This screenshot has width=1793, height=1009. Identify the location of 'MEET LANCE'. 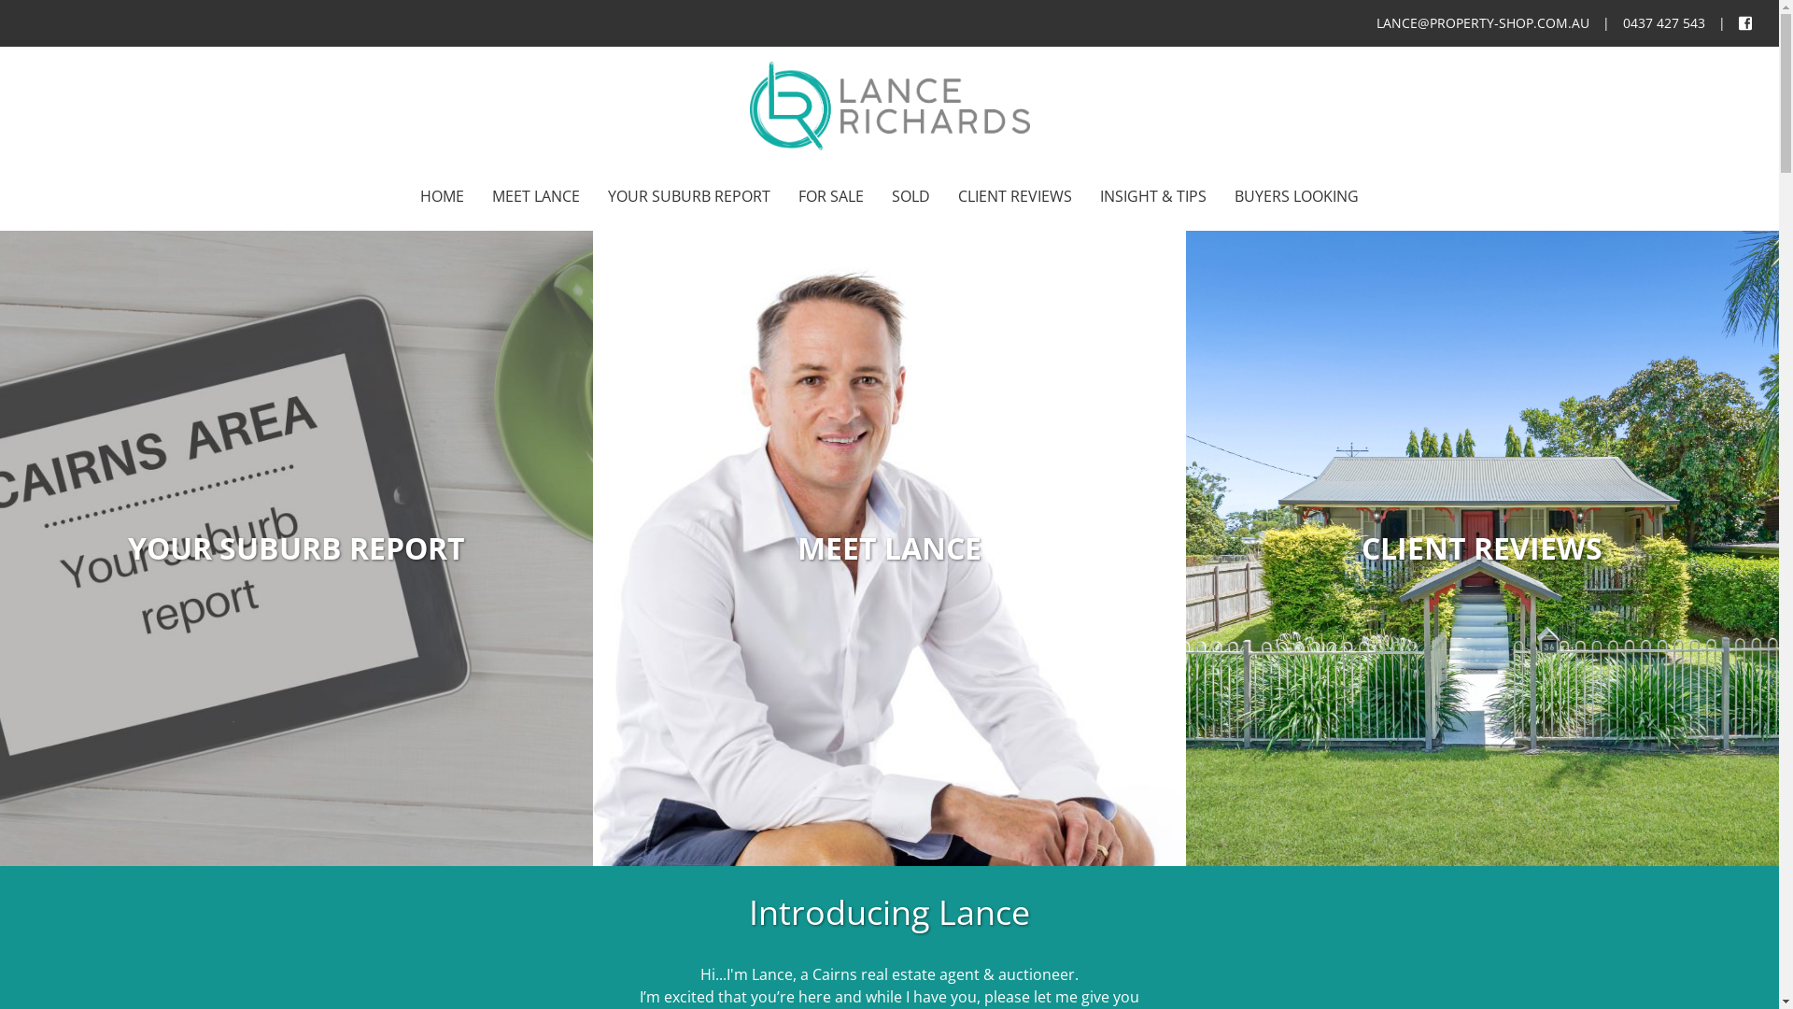
(535, 198).